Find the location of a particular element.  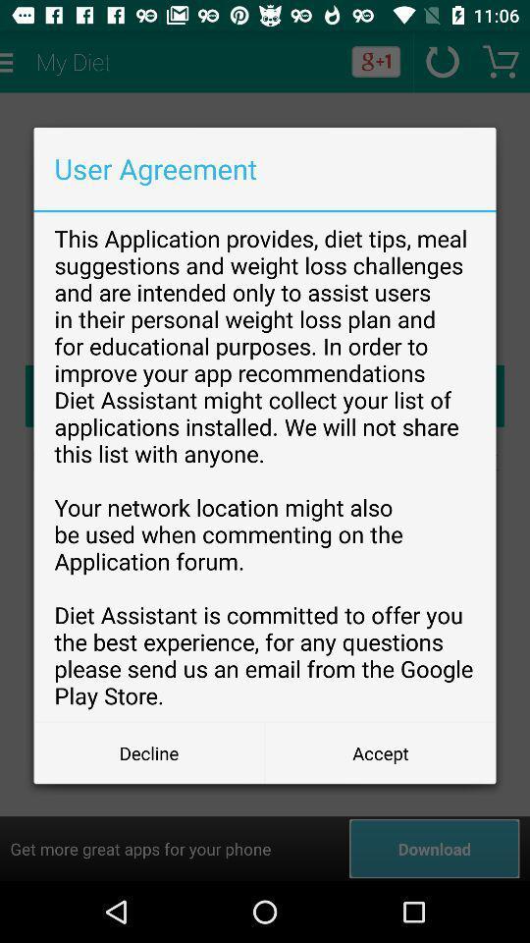

accept icon is located at coordinates (380, 751).